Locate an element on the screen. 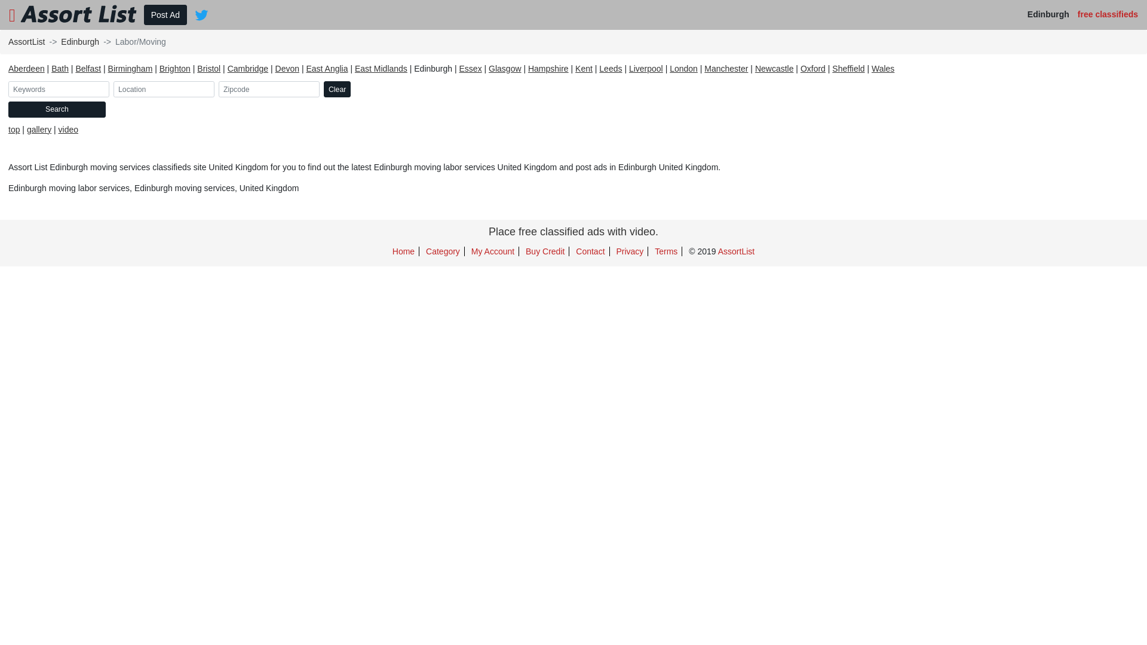  'video' is located at coordinates (68, 129).